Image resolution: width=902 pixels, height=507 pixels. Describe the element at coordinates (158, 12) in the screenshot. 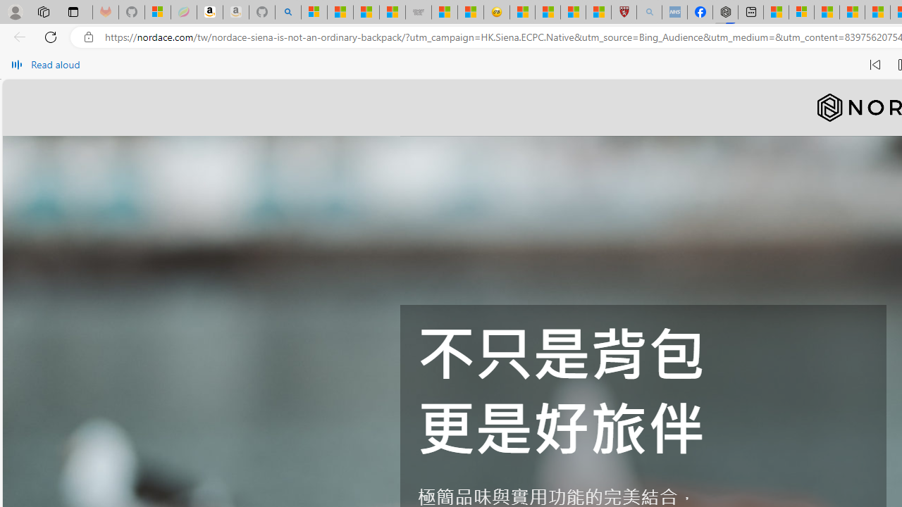

I see `'Microsoft-Report a Concern to Bing'` at that location.